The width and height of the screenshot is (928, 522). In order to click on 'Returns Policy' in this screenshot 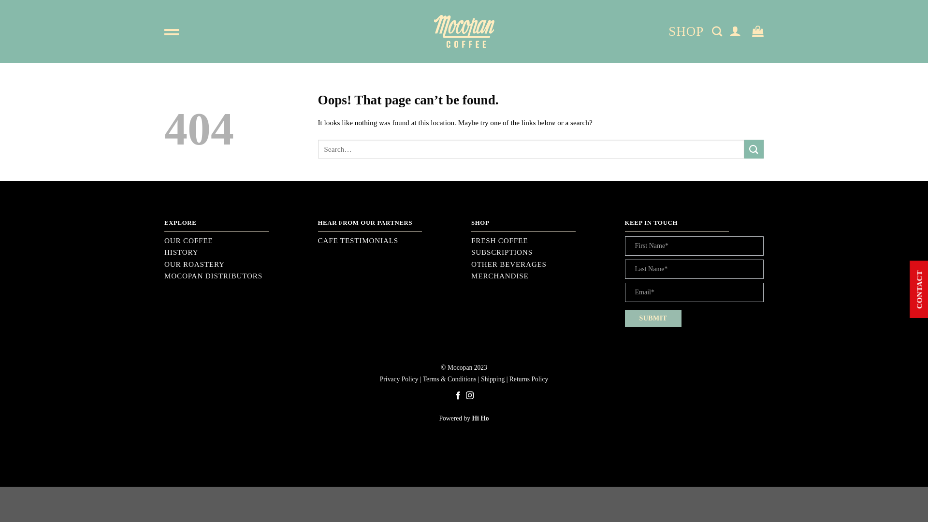, I will do `click(509, 378)`.